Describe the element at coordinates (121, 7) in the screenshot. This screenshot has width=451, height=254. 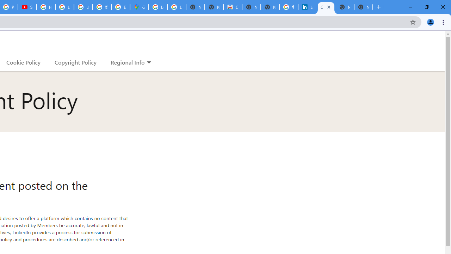
I see `'Explore new street-level details - Google Maps Help'` at that location.